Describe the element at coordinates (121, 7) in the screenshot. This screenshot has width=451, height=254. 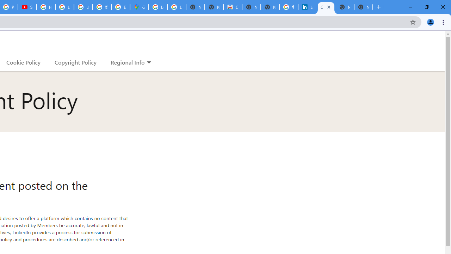
I see `'Explore new street-level details - Google Maps Help'` at that location.